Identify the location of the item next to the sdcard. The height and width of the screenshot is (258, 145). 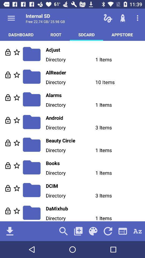
(56, 34).